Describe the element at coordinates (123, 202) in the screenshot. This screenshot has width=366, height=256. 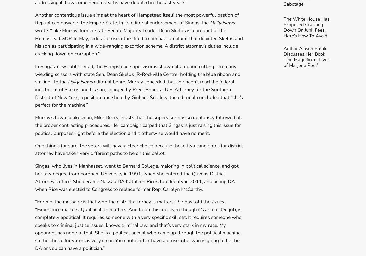
I see `'“For me, the message is that who the district attorney is matters,” Singas told the'` at that location.